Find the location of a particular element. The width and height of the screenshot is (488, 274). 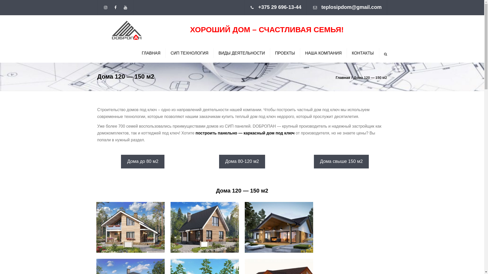

'teplosipdom@gmail.com' is located at coordinates (351, 7).